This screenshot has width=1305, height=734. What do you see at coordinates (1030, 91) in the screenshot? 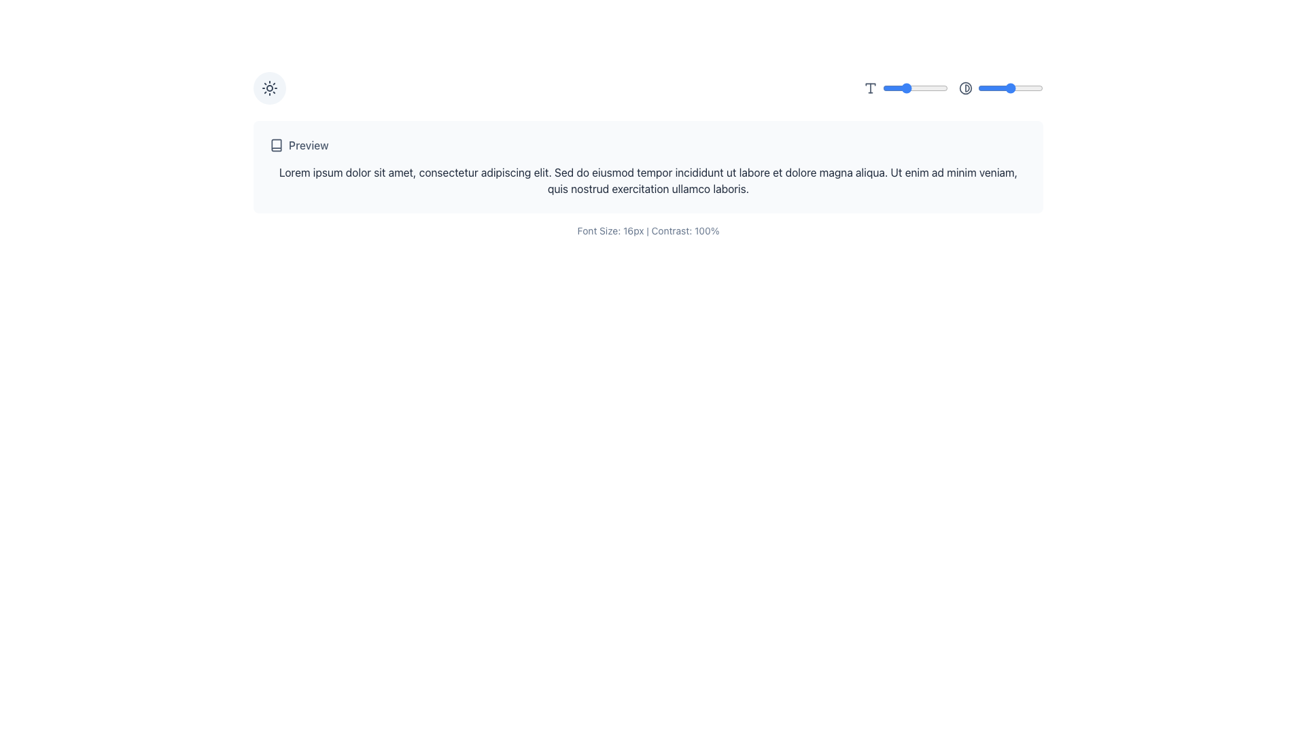
I see `the small gray eye icon located in the upper right corner of the UI` at bounding box center [1030, 91].